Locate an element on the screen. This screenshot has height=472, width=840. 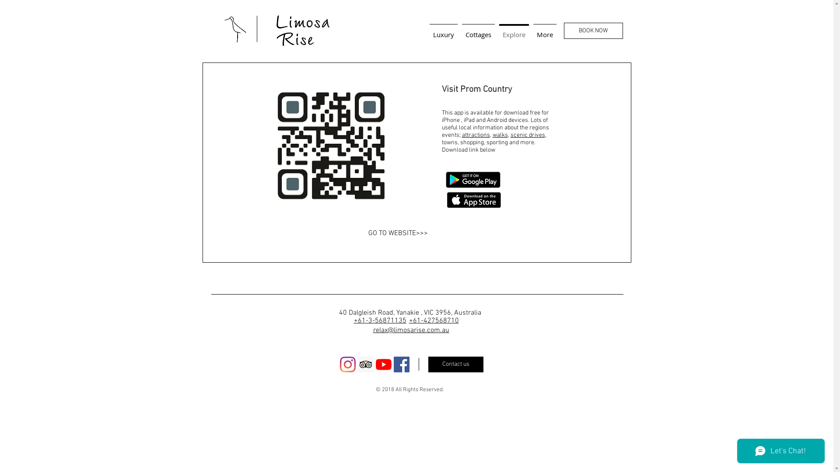
'+61-3-56871135' is located at coordinates (353, 320).